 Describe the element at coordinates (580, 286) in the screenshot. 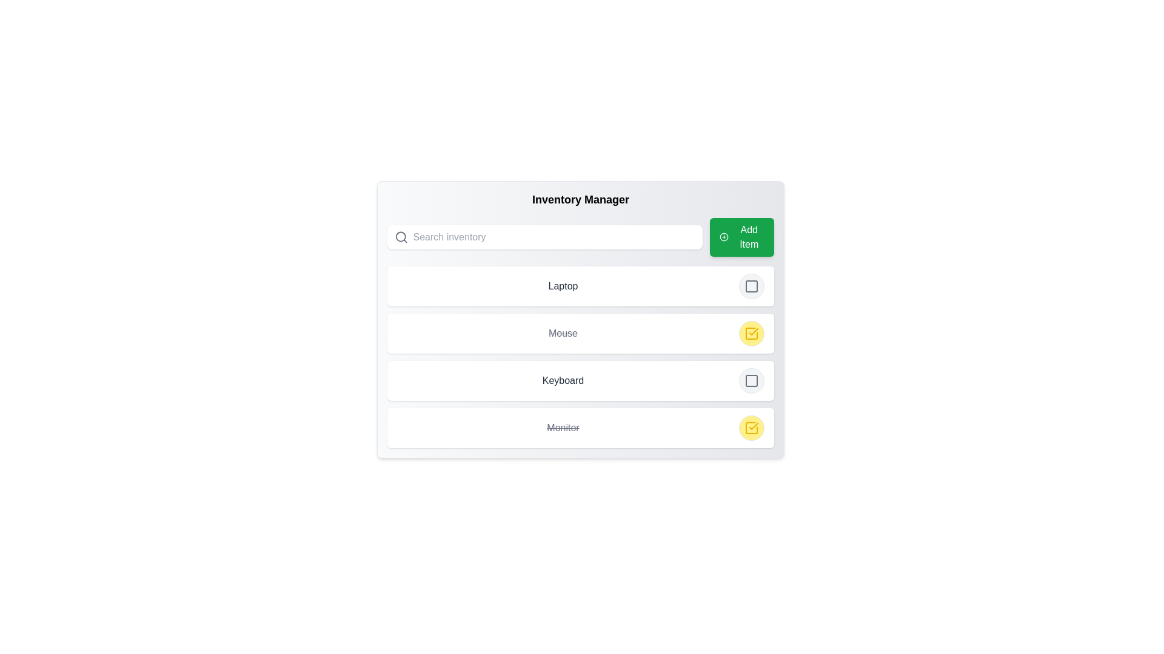

I see `the inventory item labeled 'Laptop'` at that location.